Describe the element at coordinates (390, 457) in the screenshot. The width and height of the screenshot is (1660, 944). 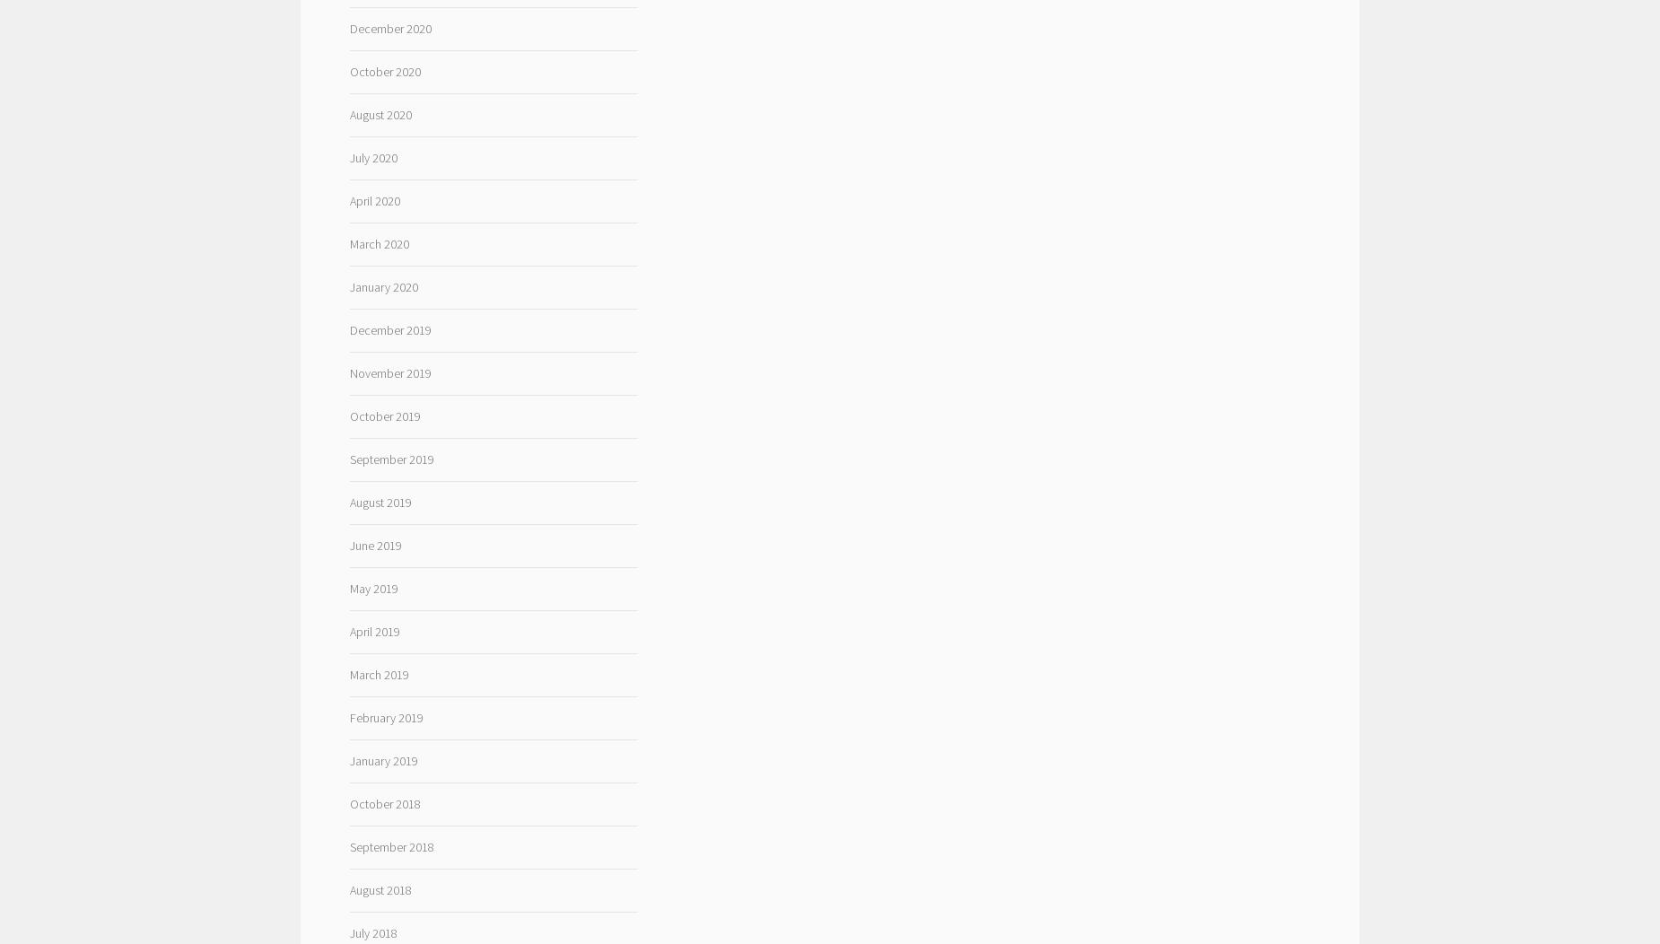
I see `'September 2019'` at that location.